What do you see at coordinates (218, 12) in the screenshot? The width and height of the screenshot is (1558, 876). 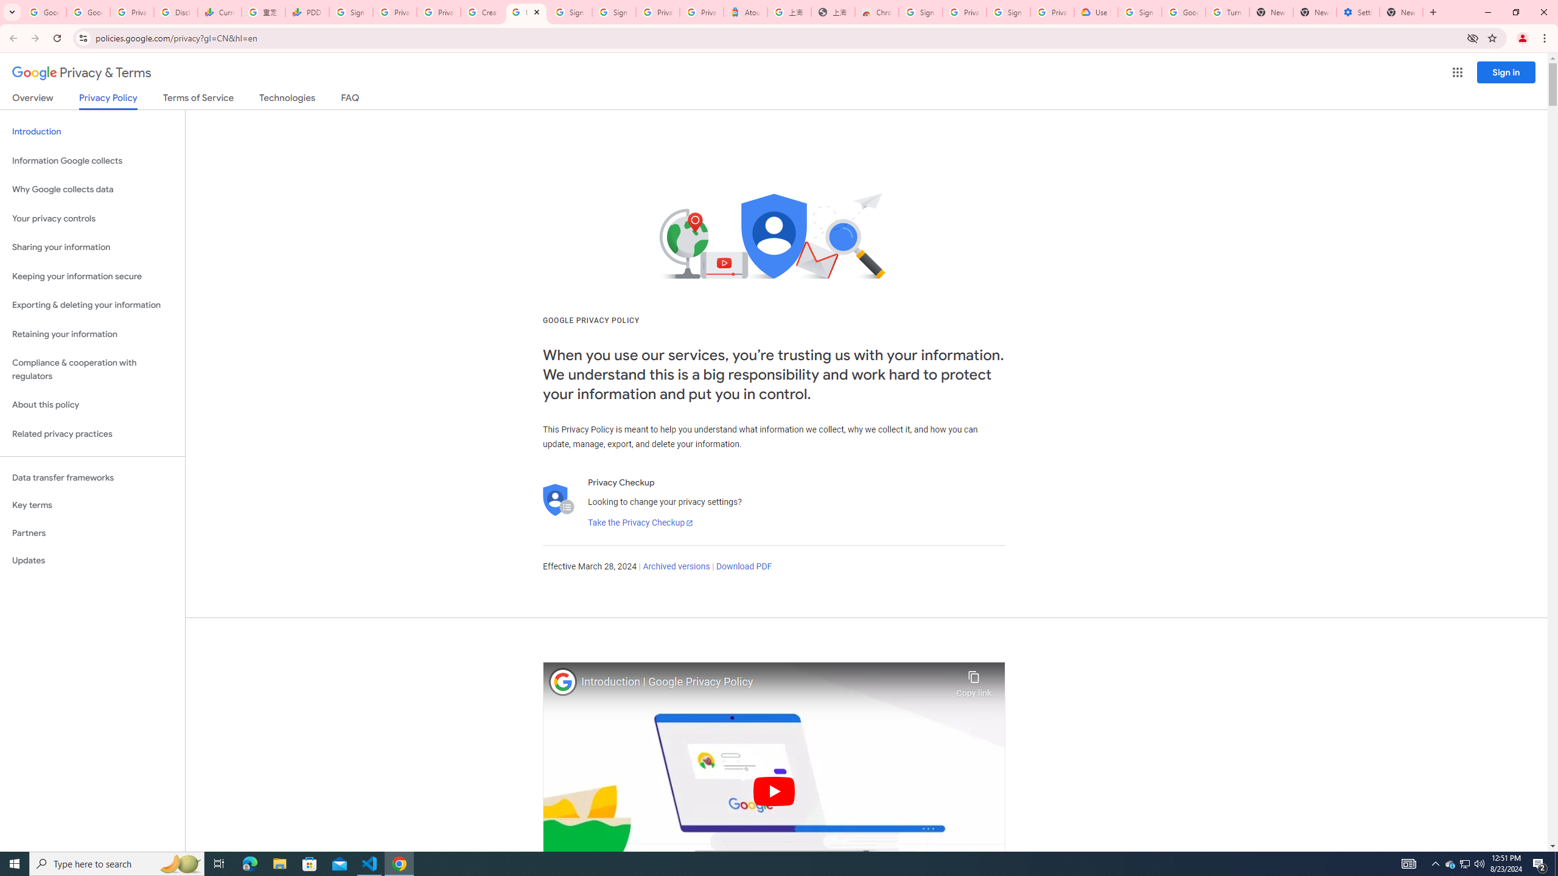 I see `'Currencies - Google Finance'` at bounding box center [218, 12].